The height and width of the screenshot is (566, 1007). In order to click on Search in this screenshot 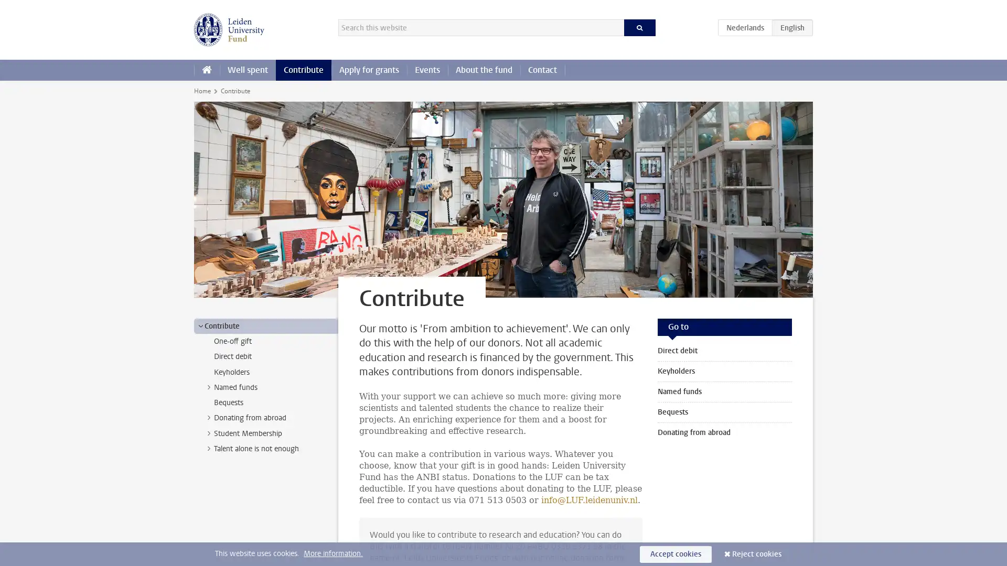, I will do `click(639, 27)`.